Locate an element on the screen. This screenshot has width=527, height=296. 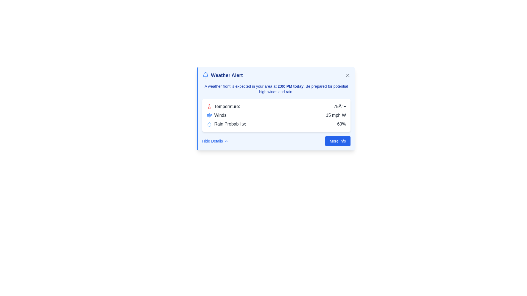
the rain icon located in the 'Weather Alert' panel, specifically to the left of the text 'Rain Probability: 60%' is located at coordinates (209, 124).